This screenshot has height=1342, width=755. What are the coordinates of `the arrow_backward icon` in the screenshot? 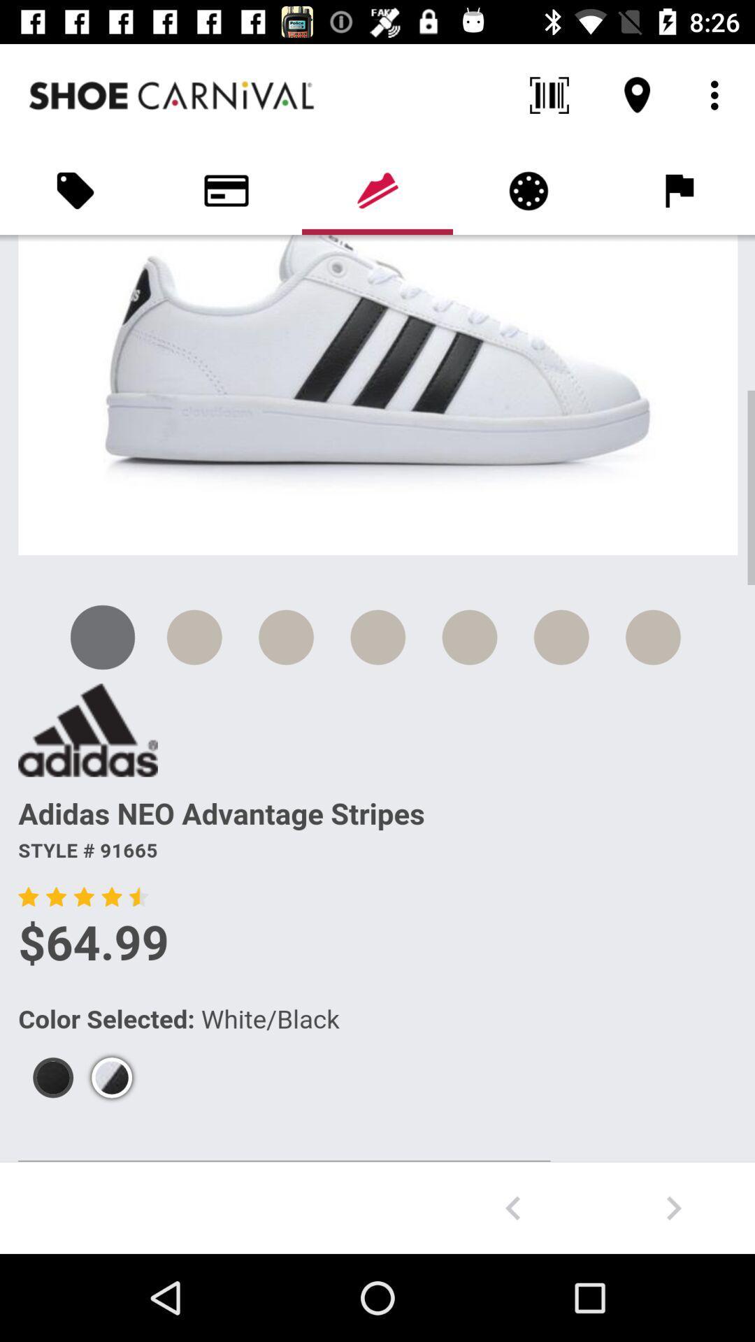 It's located at (512, 1207).